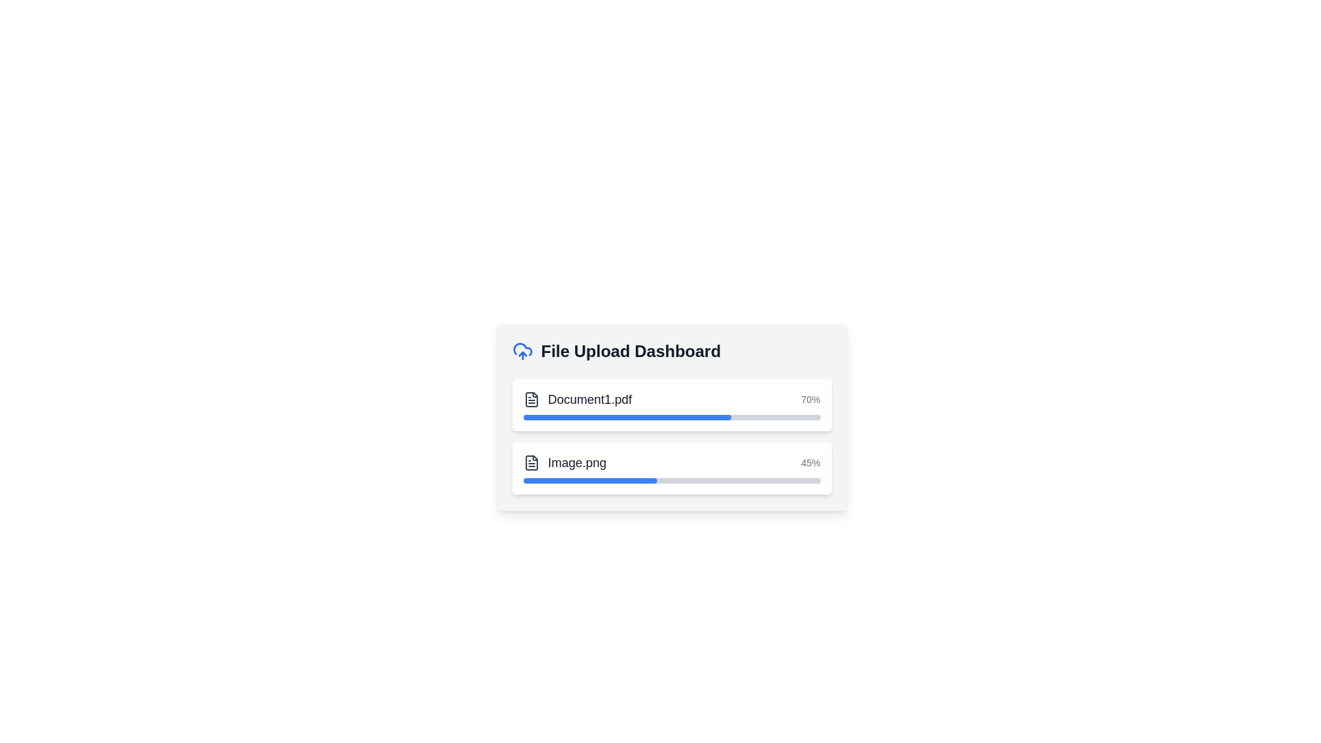  What do you see at coordinates (522, 349) in the screenshot?
I see `the cloud-shaped graphical element outlined in blue, which is part of the upload icon within the 'File Upload Dashboard' section` at bounding box center [522, 349].